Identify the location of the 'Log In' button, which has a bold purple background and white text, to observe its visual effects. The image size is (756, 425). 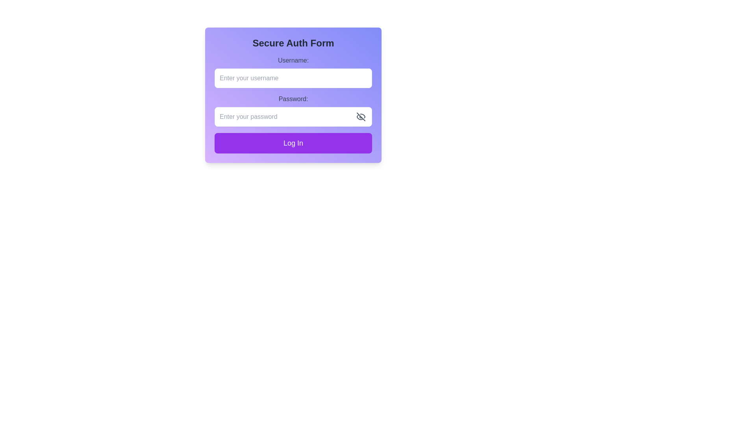
(293, 143).